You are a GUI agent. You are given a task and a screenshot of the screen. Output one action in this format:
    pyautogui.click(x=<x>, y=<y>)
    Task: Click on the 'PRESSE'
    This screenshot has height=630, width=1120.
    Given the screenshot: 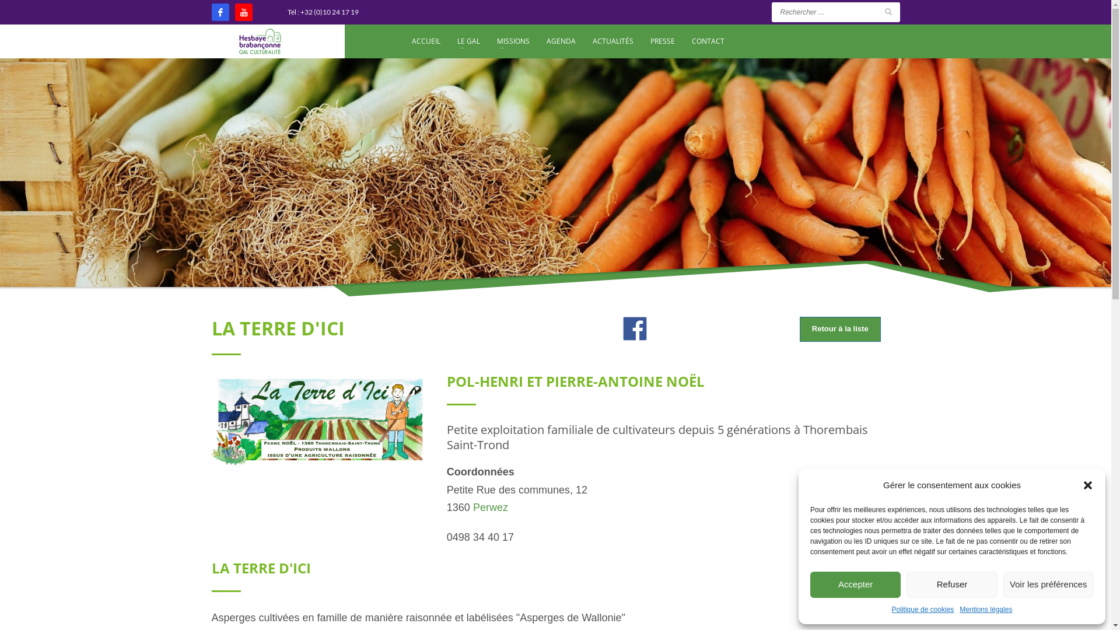 What is the action you would take?
    pyautogui.click(x=661, y=40)
    